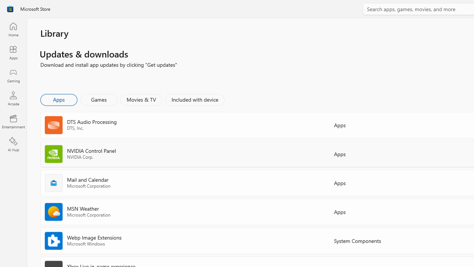  Describe the element at coordinates (99, 99) in the screenshot. I see `'Games'` at that location.